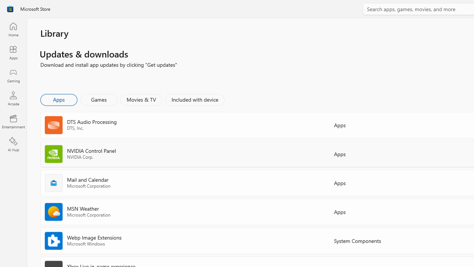  Describe the element at coordinates (99, 99) in the screenshot. I see `'Games'` at that location.